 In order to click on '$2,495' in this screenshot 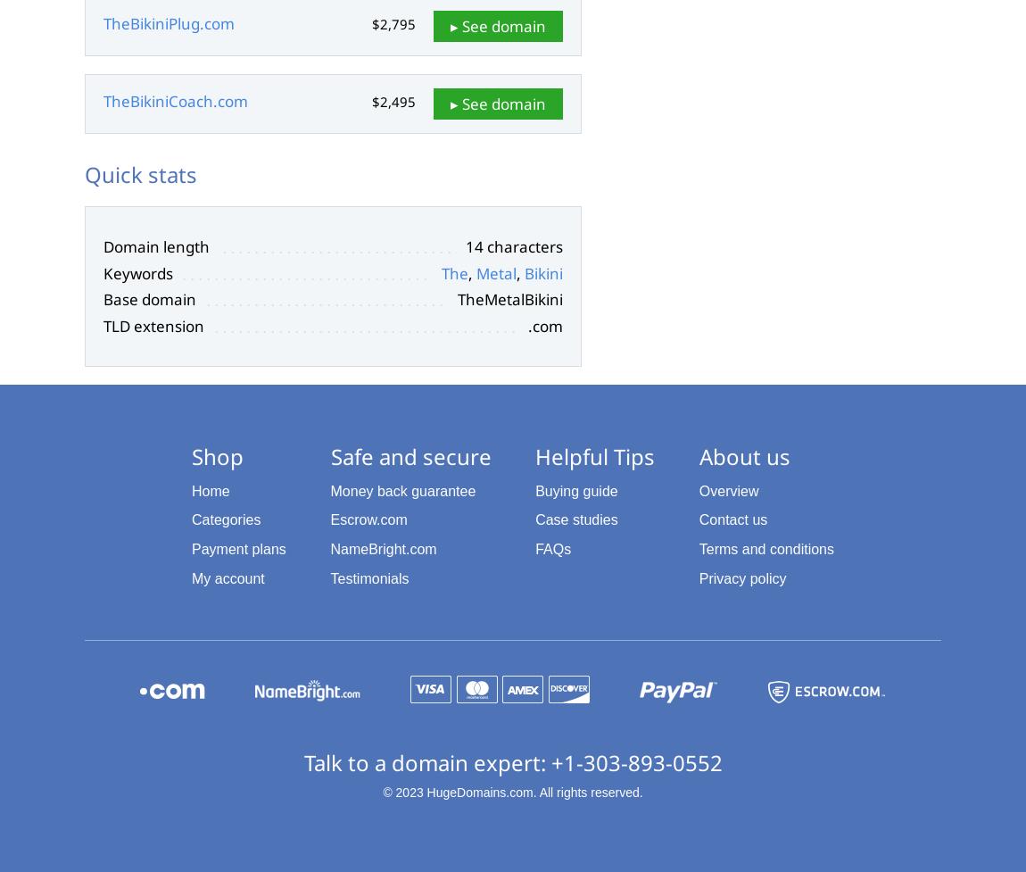, I will do `click(371, 102)`.